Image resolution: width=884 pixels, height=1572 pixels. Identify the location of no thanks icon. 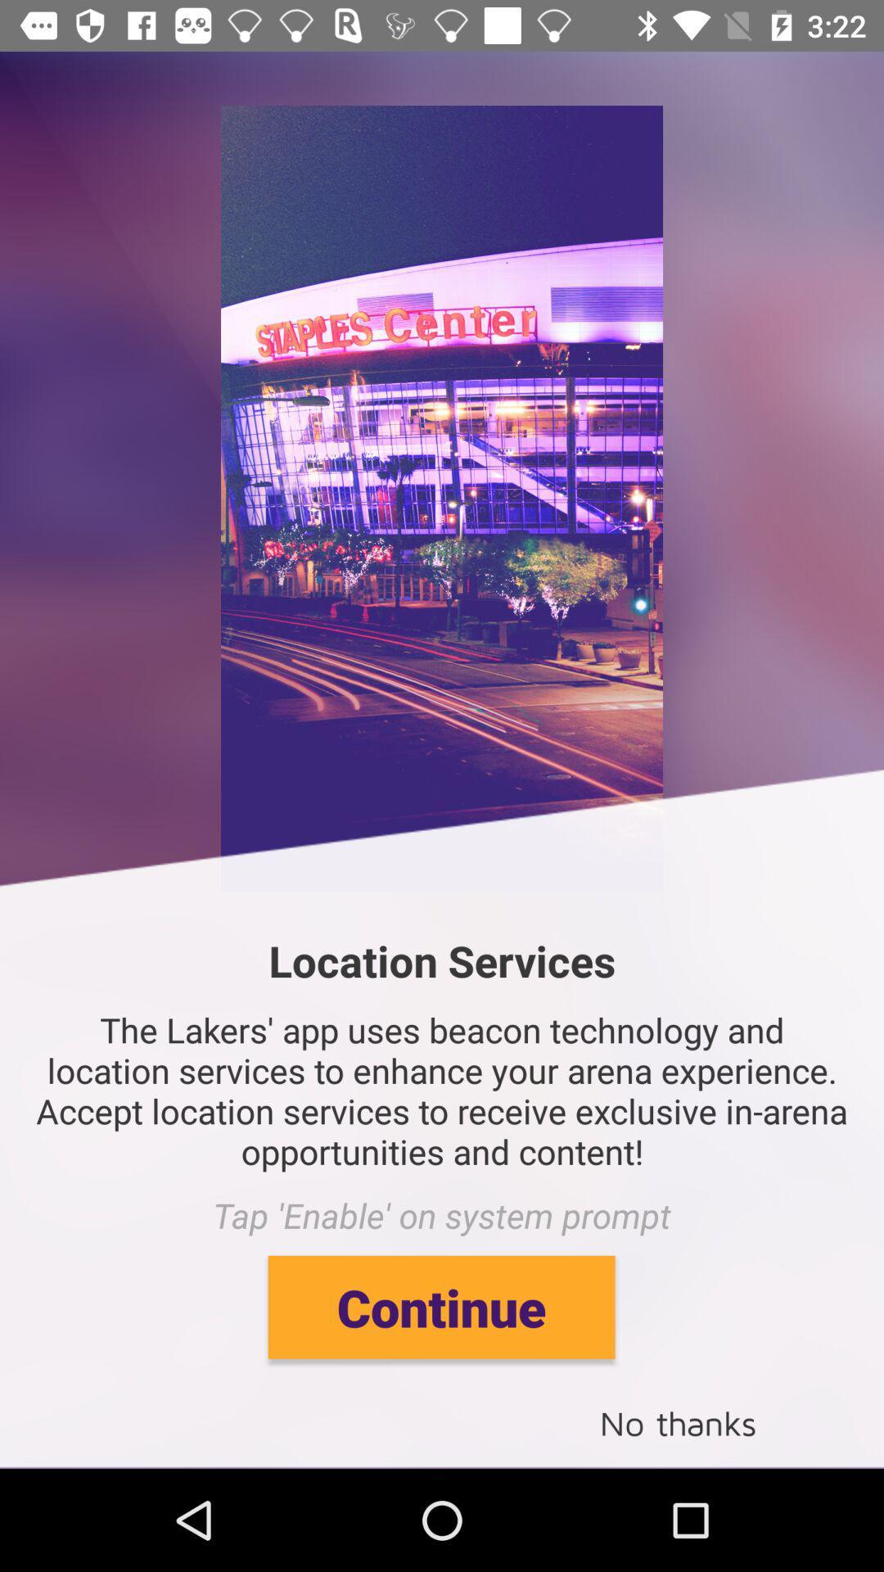
(678, 1421).